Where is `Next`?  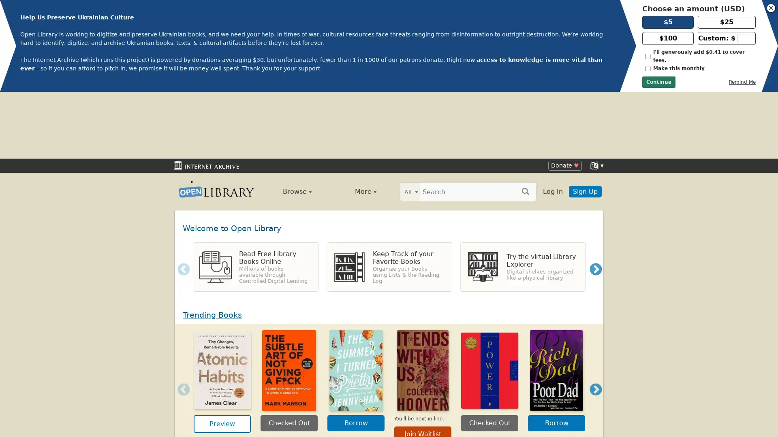
Next is located at coordinates (596, 202).